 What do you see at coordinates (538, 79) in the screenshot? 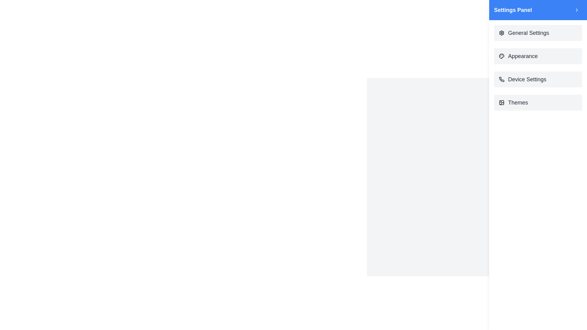
I see `the 'Device Settings' button, which is a rectangular button with rounded corners, containing a black phone icon and dark gray text, to change its background color` at bounding box center [538, 79].